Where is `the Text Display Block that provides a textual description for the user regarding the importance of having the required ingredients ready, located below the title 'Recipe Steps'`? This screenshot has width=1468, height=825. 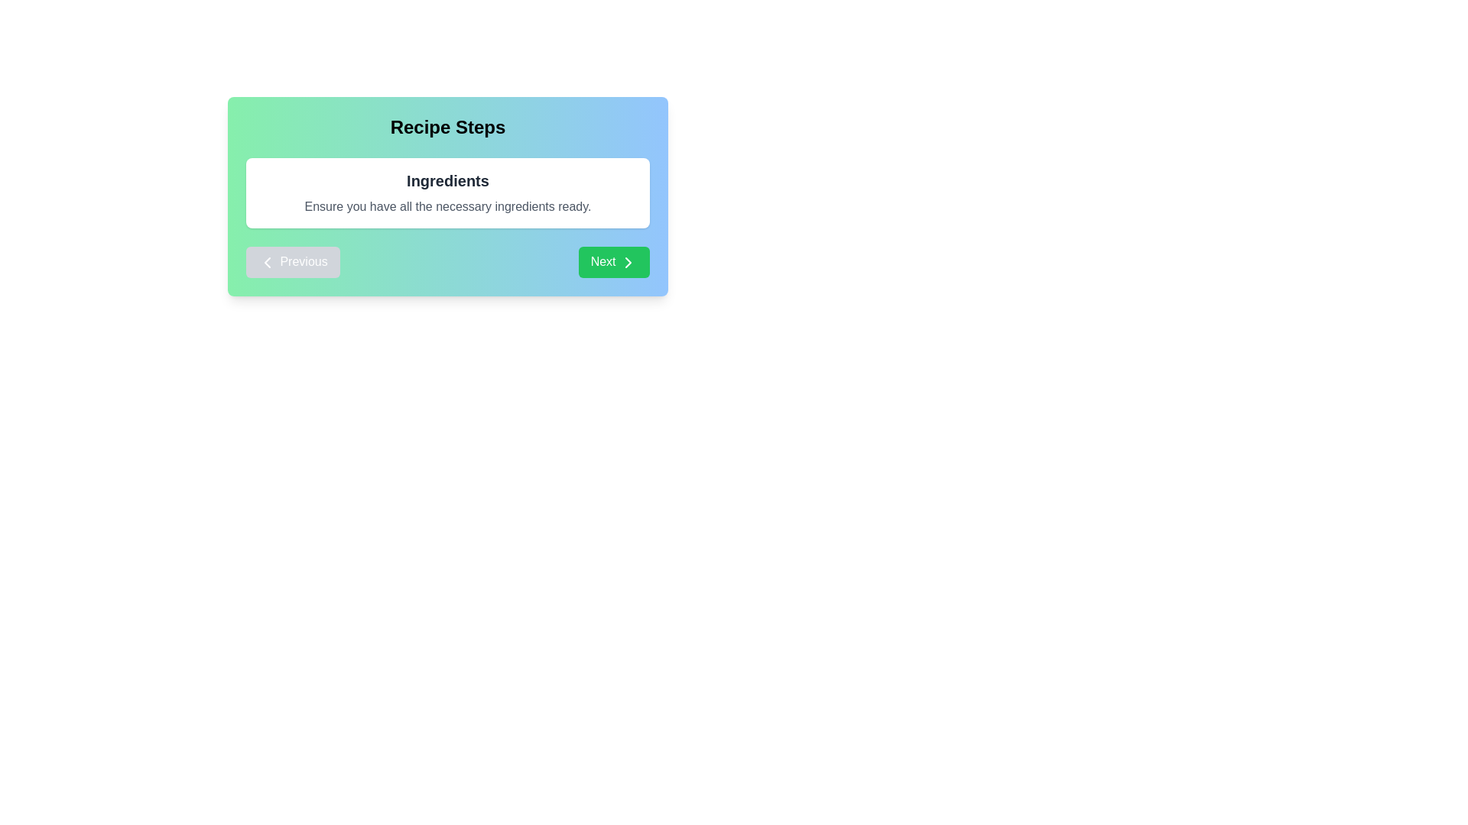
the Text Display Block that provides a textual description for the user regarding the importance of having the required ingredients ready, located below the title 'Recipe Steps' is located at coordinates (447, 192).